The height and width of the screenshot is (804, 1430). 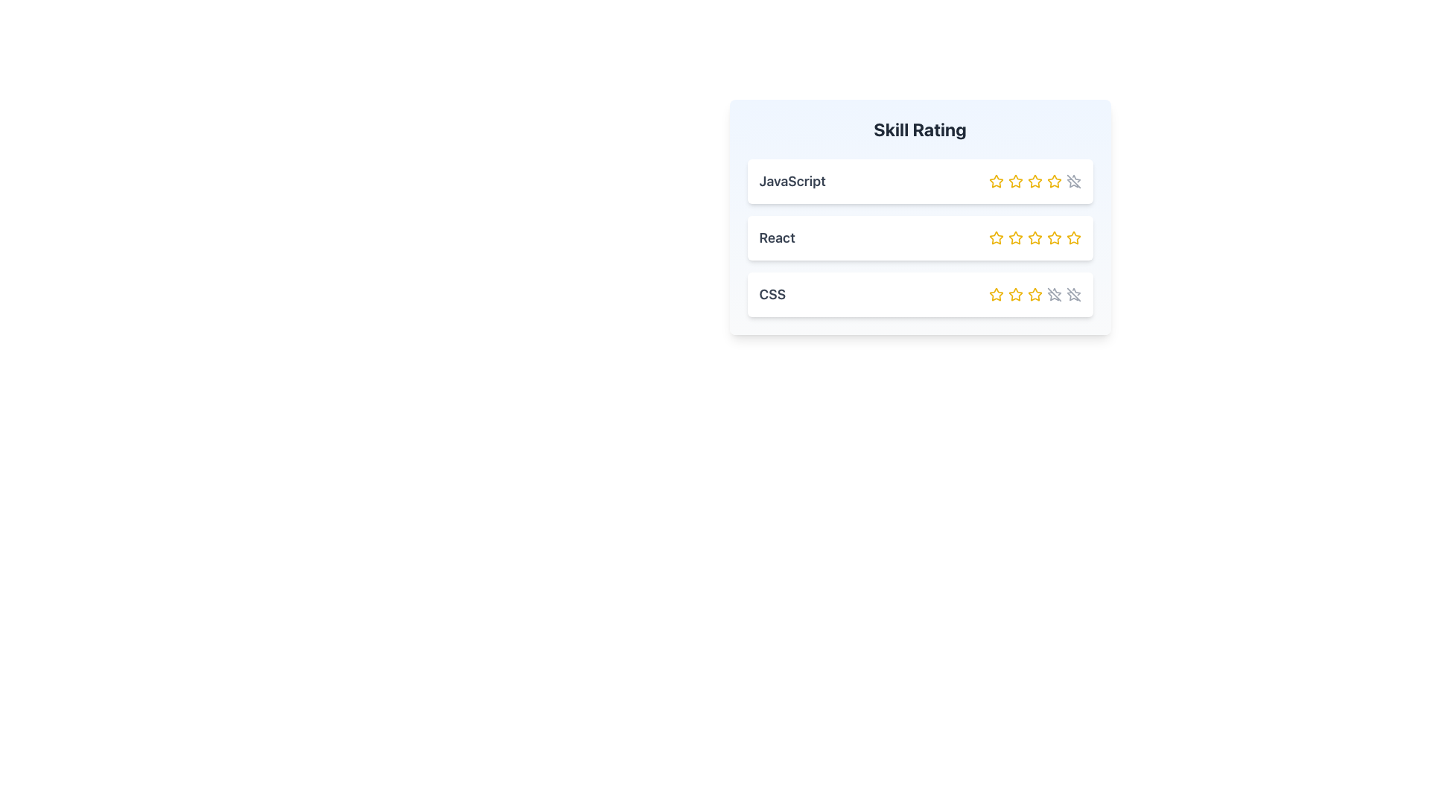 I want to click on the fourth yellow star icon in the rating interface to set a rating for JavaScript, so click(x=1034, y=180).